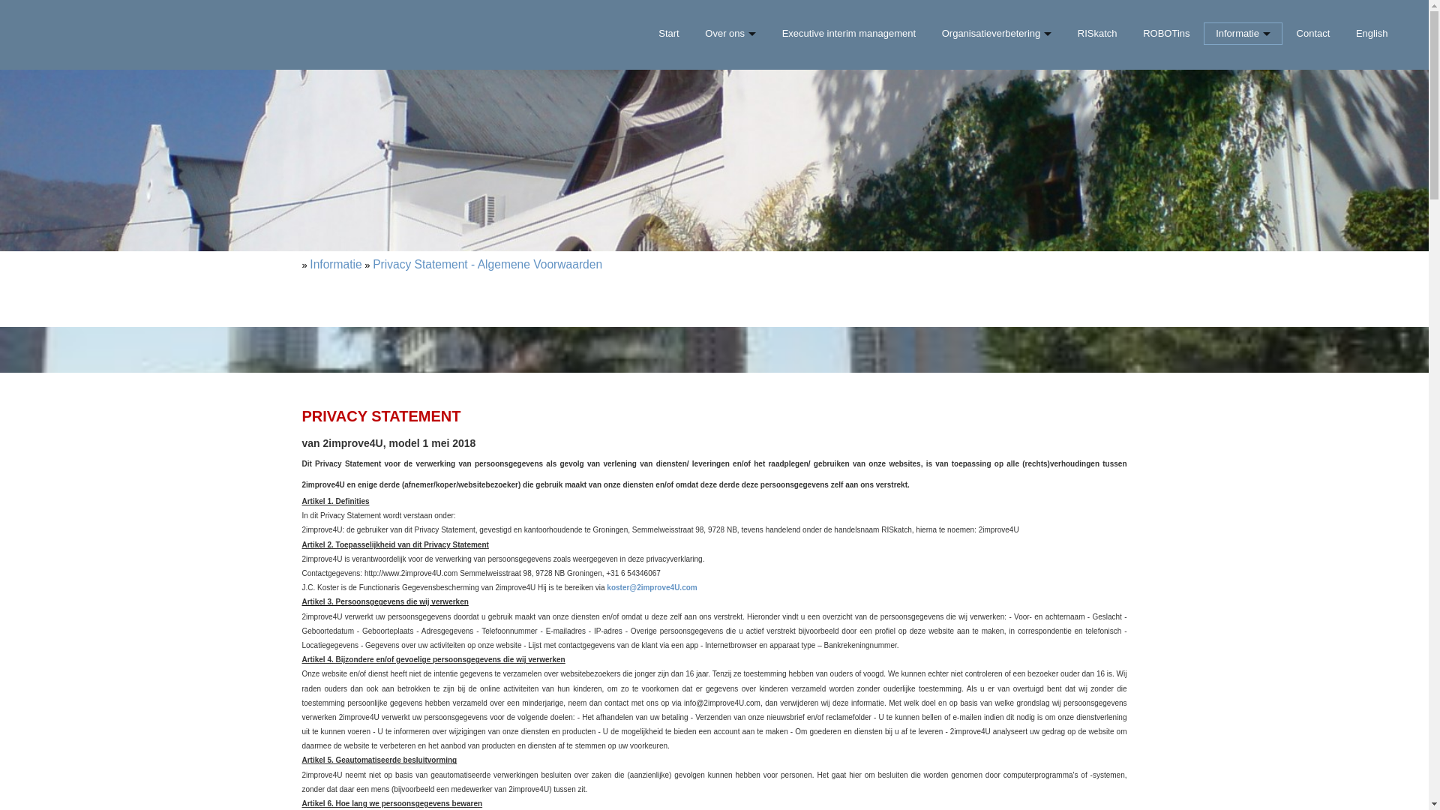 The width and height of the screenshot is (1440, 810). Describe the element at coordinates (334, 263) in the screenshot. I see `'Informatie'` at that location.